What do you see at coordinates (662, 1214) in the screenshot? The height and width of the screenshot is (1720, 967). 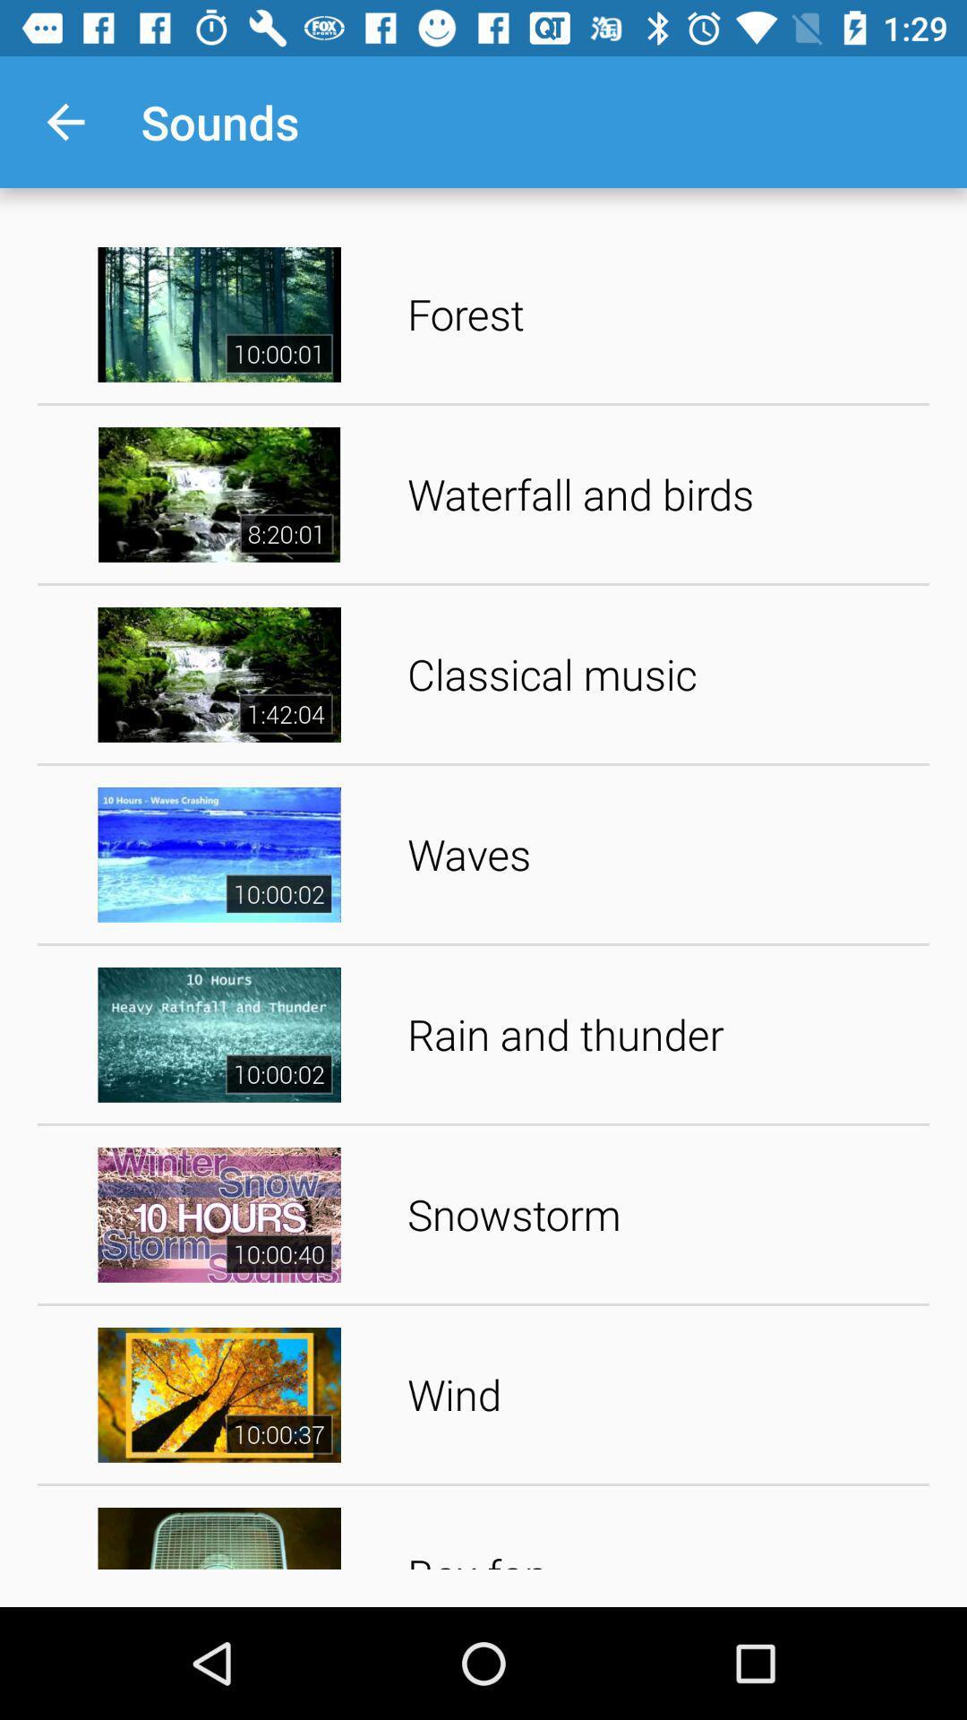 I see `app above wind item` at bounding box center [662, 1214].